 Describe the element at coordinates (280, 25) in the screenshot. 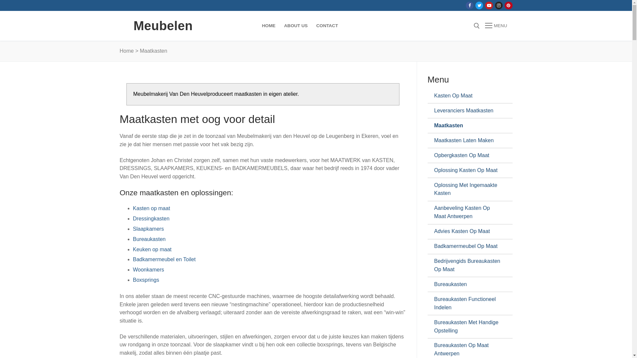

I see `'ABOUT US'` at that location.